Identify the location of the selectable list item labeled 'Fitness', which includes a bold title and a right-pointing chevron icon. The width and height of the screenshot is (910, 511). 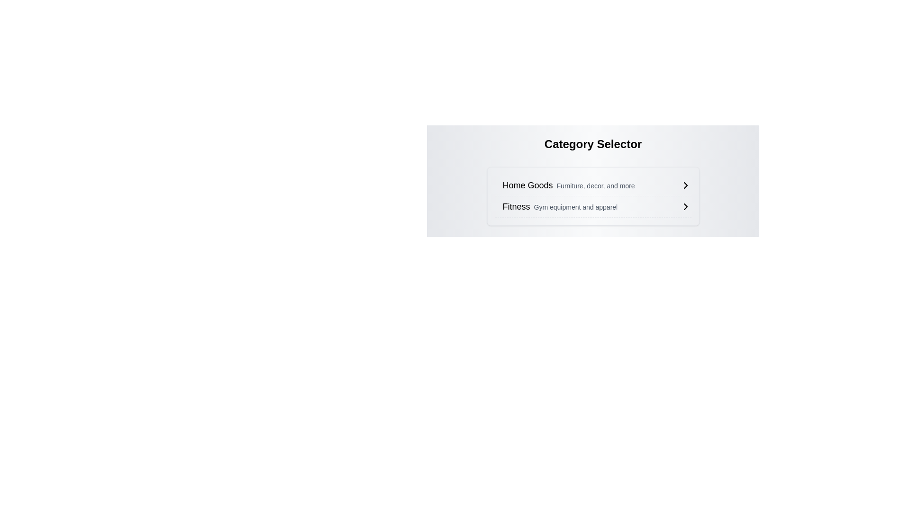
(596, 206).